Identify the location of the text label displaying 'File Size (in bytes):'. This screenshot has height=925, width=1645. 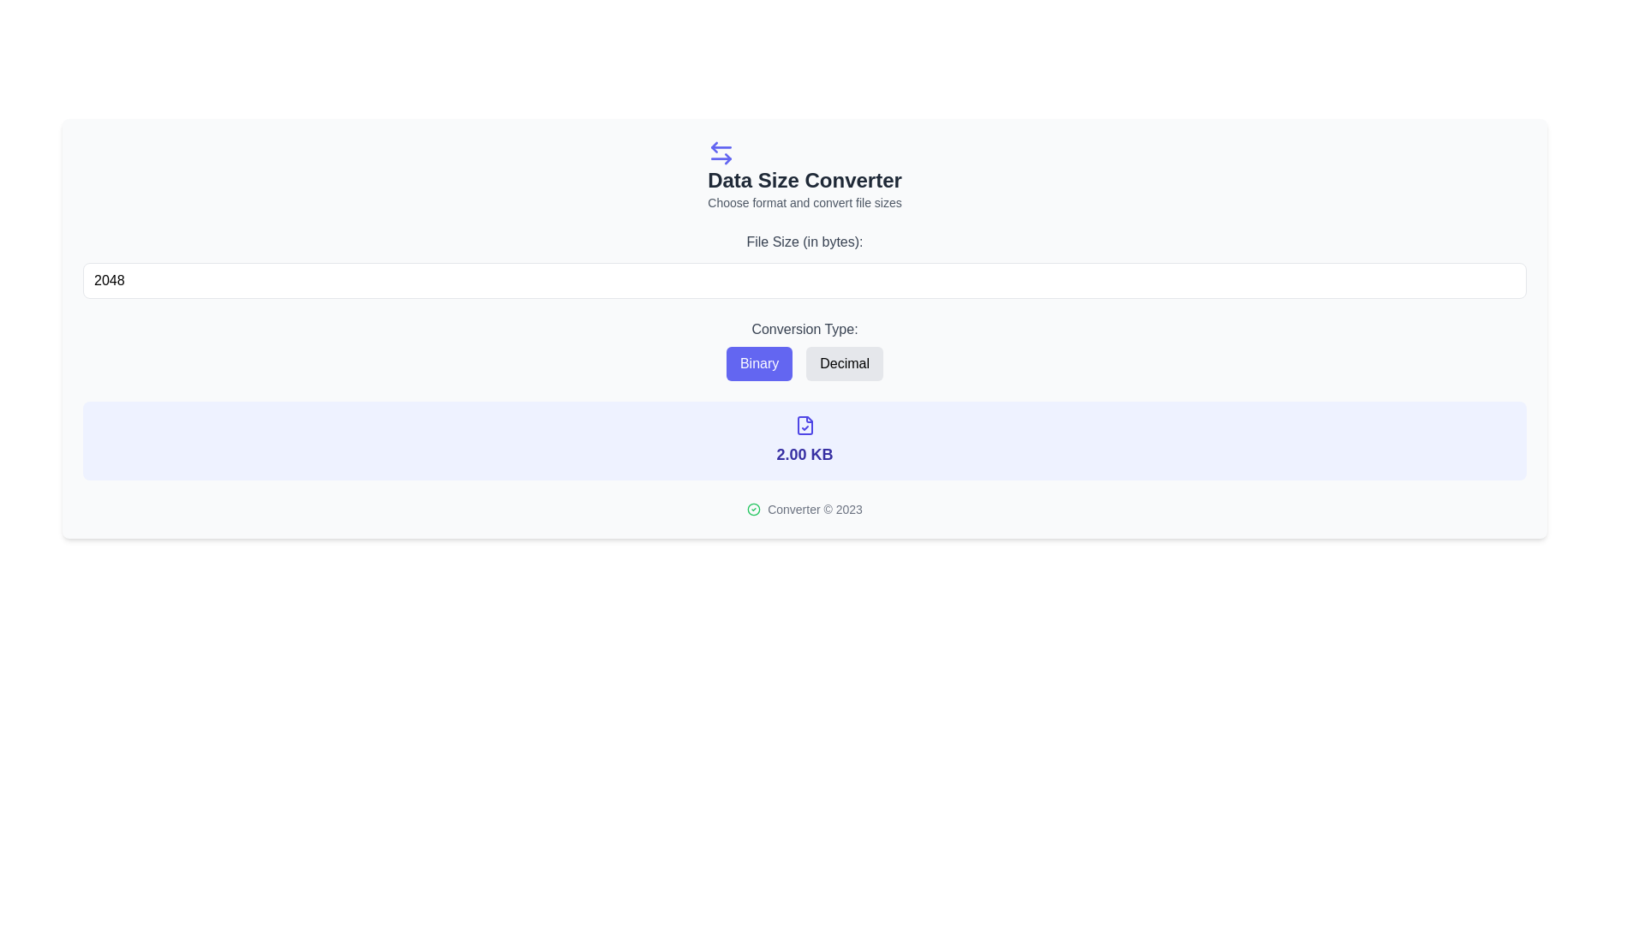
(804, 242).